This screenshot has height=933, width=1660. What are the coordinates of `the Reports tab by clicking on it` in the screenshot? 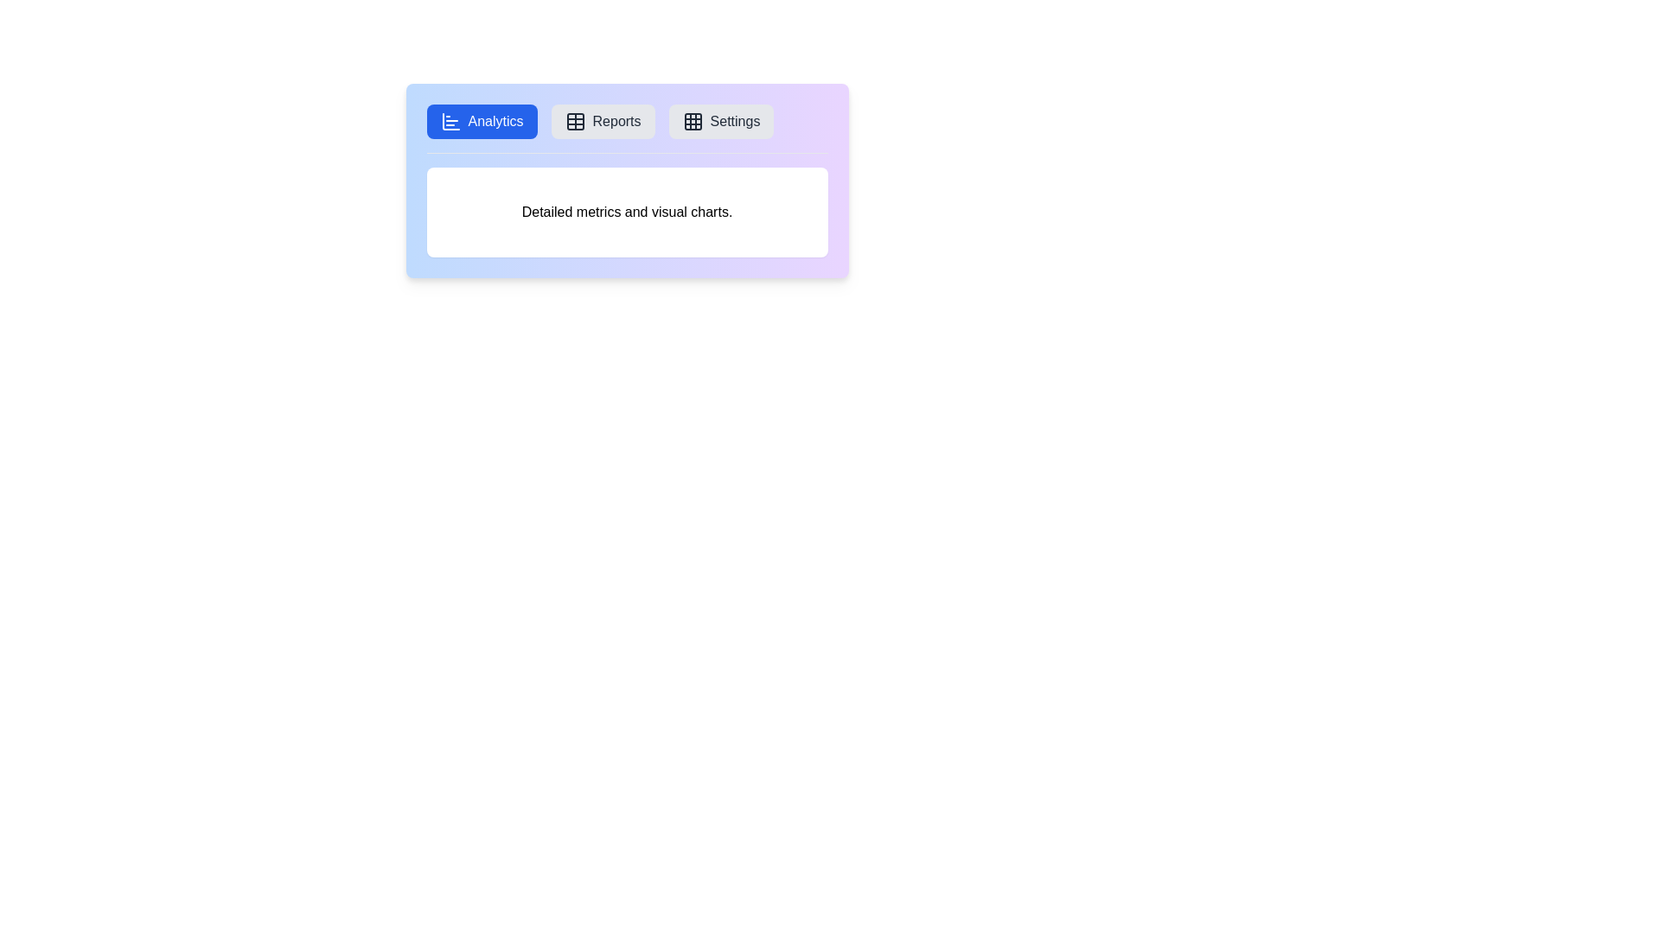 It's located at (603, 121).